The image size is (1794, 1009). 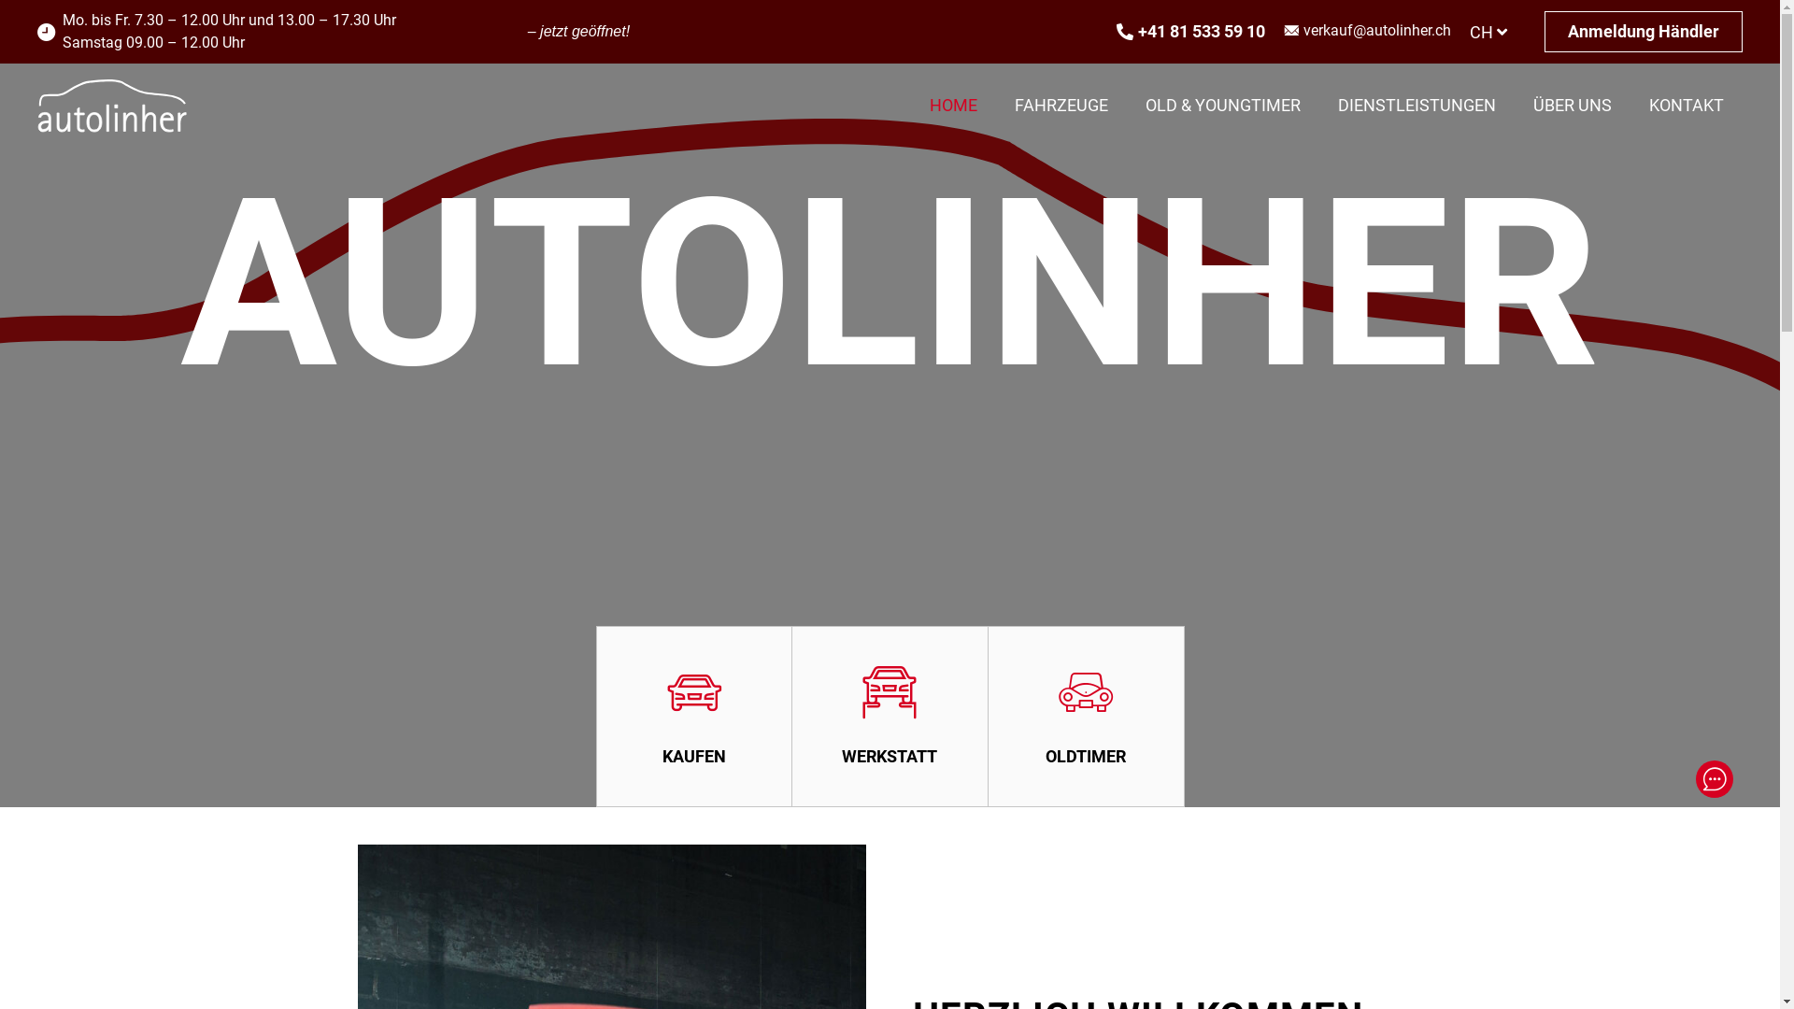 I want to click on 'OLD & YOUNGTIMER', so click(x=1125, y=105).